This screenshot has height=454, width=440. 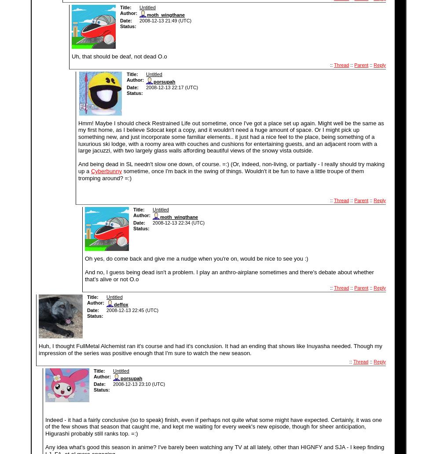 What do you see at coordinates (84, 258) in the screenshot?
I see `'Oh yes, do come back and give me a nudge when you're on, would be nice to see you :)'` at bounding box center [84, 258].